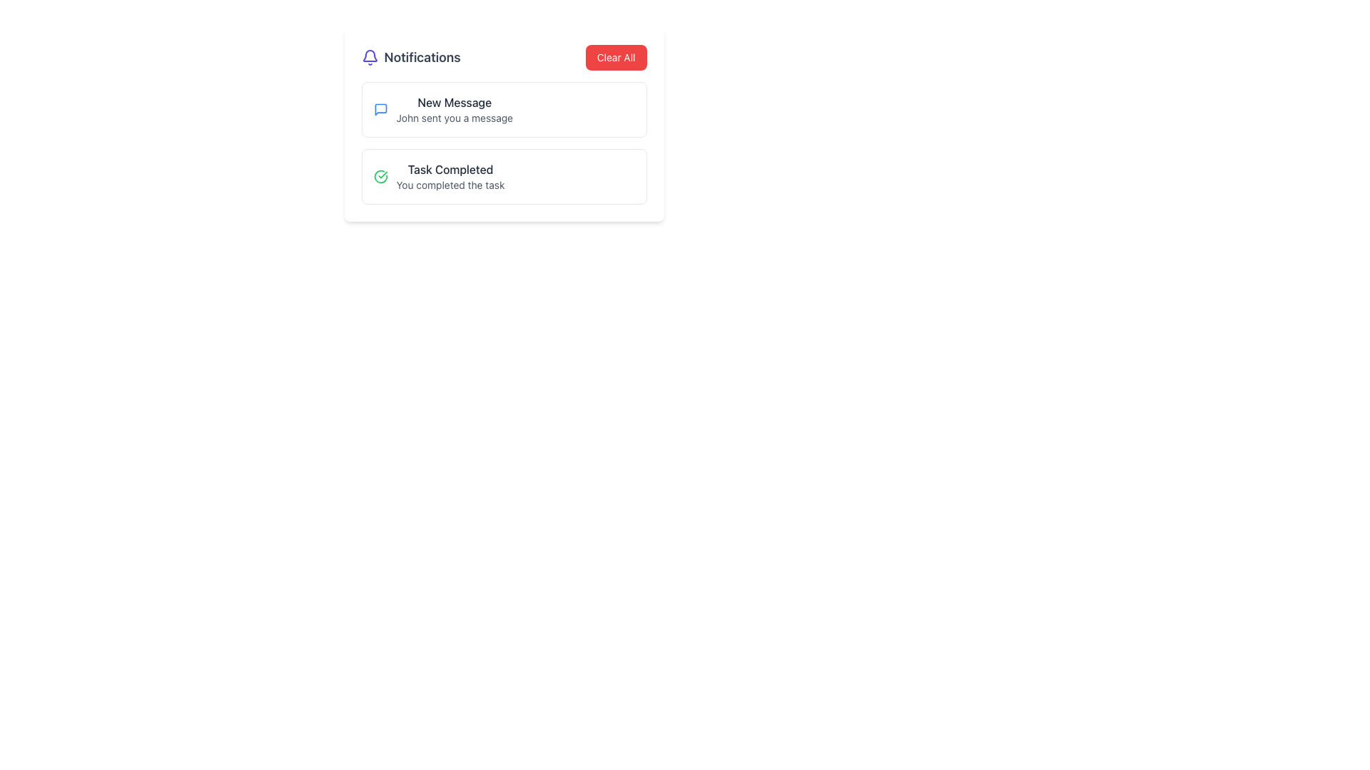  Describe the element at coordinates (450, 169) in the screenshot. I see `the 'Task Completed' text label, which is styled in medium font weight and dark gray color, located near the top of the second notification card` at that location.